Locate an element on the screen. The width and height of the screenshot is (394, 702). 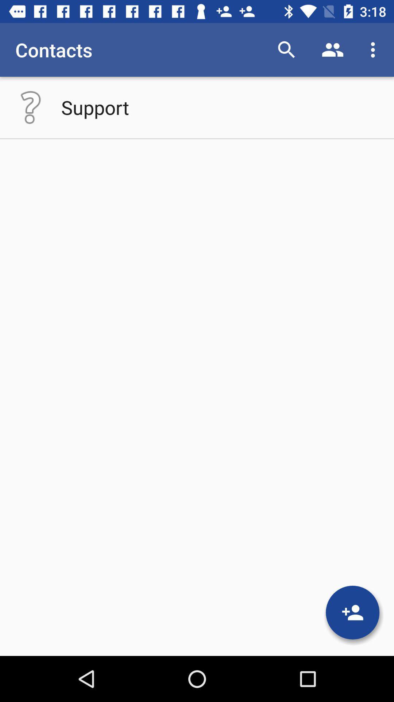
friend is located at coordinates (352, 612).